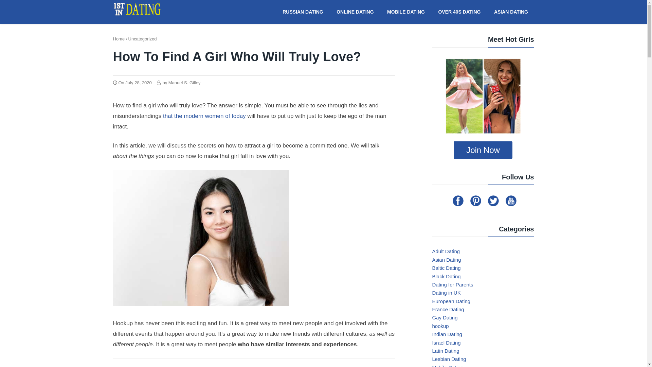 Image resolution: width=652 pixels, height=367 pixels. Describe the element at coordinates (445, 351) in the screenshot. I see `'Latin Dating'` at that location.